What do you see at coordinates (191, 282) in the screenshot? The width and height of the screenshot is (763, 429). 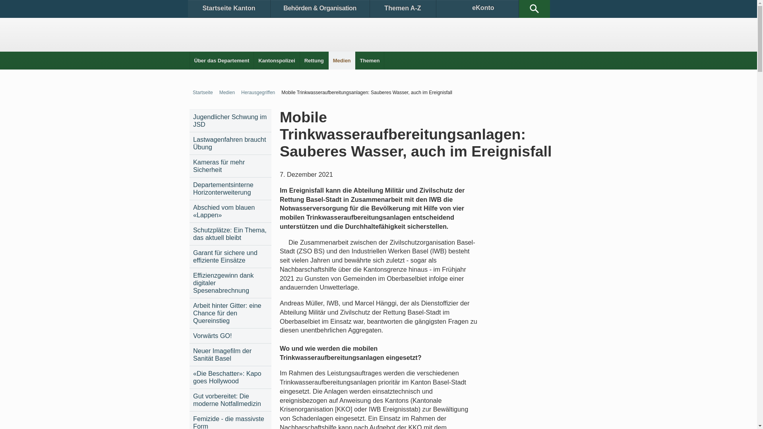 I see `'Effizienzgewinn dank digitaler Spesenabrechnung'` at bounding box center [191, 282].